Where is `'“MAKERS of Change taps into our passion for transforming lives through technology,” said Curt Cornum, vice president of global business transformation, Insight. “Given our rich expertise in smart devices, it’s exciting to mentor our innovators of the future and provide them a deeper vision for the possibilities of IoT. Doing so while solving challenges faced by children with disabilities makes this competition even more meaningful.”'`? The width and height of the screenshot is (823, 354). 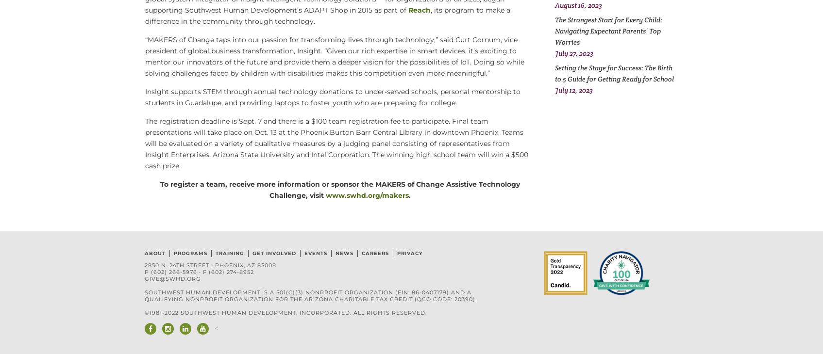 '“MAKERS of Change taps into our passion for transforming lives through technology,” said Curt Cornum, vice president of global business transformation, Insight. “Given our rich expertise in smart devices, it’s exciting to mentor our innovators of the future and provide them a deeper vision for the possibilities of IoT. Doing so while solving challenges faced by children with disabilities makes this competition even more meaningful.”' is located at coordinates (334, 56).